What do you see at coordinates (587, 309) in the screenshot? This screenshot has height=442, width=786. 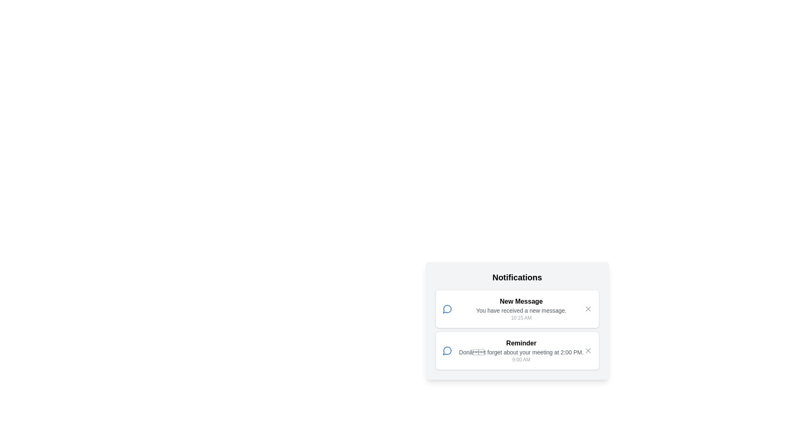 I see `the close icon for the notification titled 'New Message'` at bounding box center [587, 309].